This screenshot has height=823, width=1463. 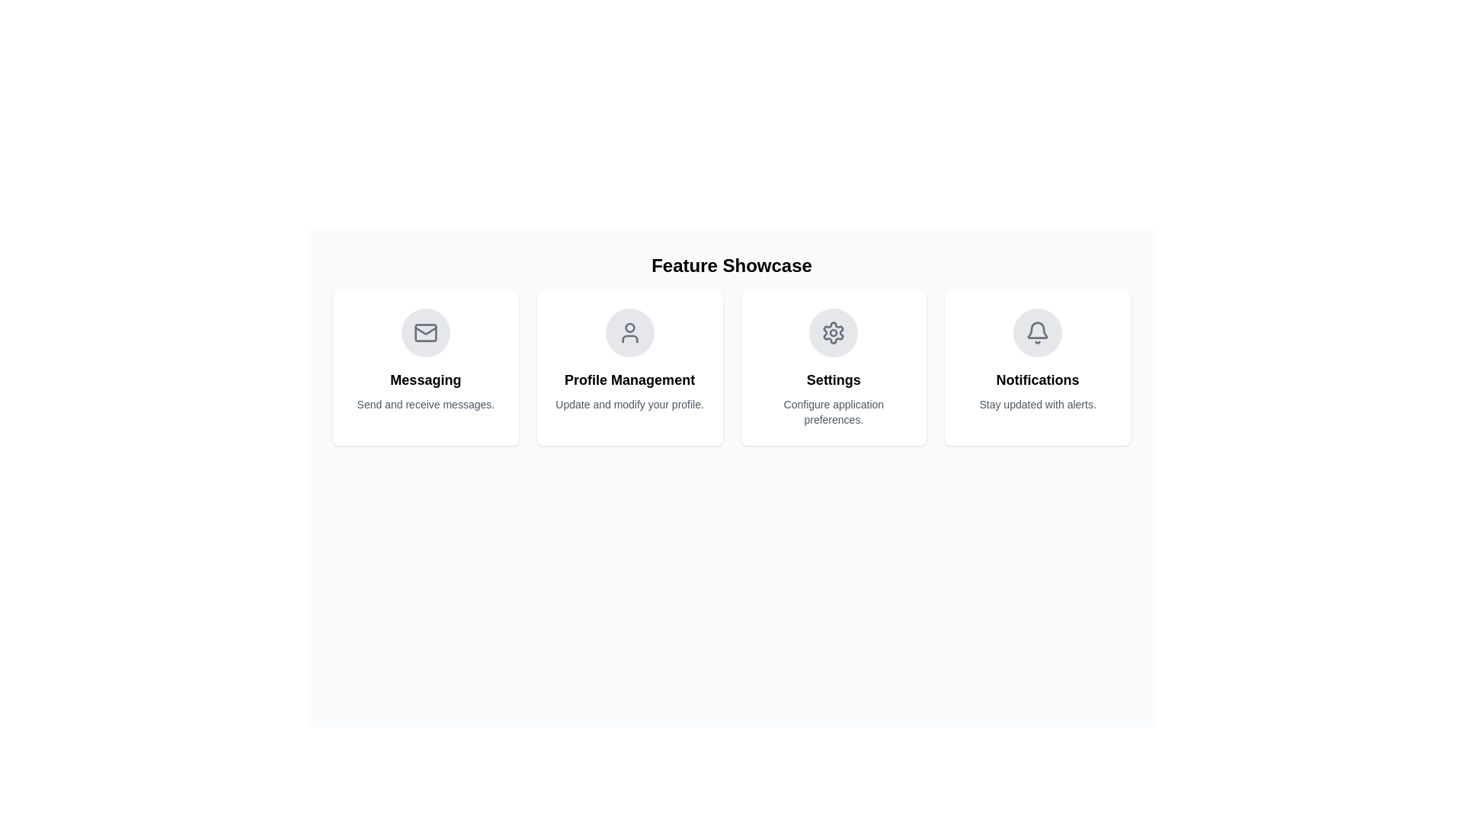 I want to click on static text label displaying 'Configure application preferences.' located below the 'Settings' header in the third card of a four-card layout, so click(x=833, y=411).